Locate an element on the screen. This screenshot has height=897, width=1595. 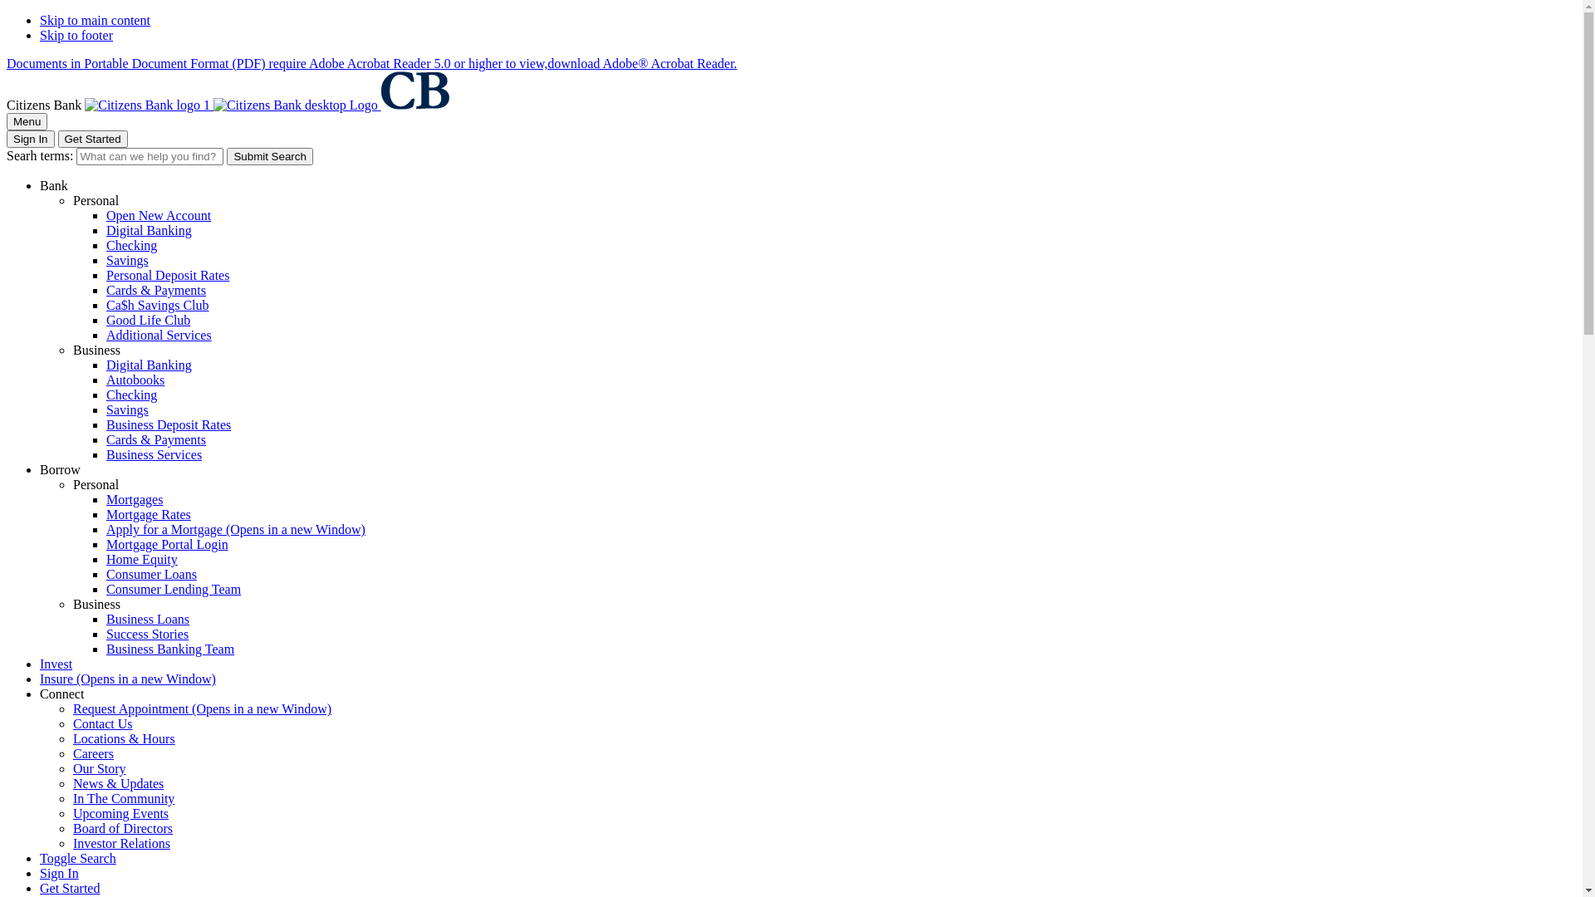
'Consumer Loans' is located at coordinates (151, 573).